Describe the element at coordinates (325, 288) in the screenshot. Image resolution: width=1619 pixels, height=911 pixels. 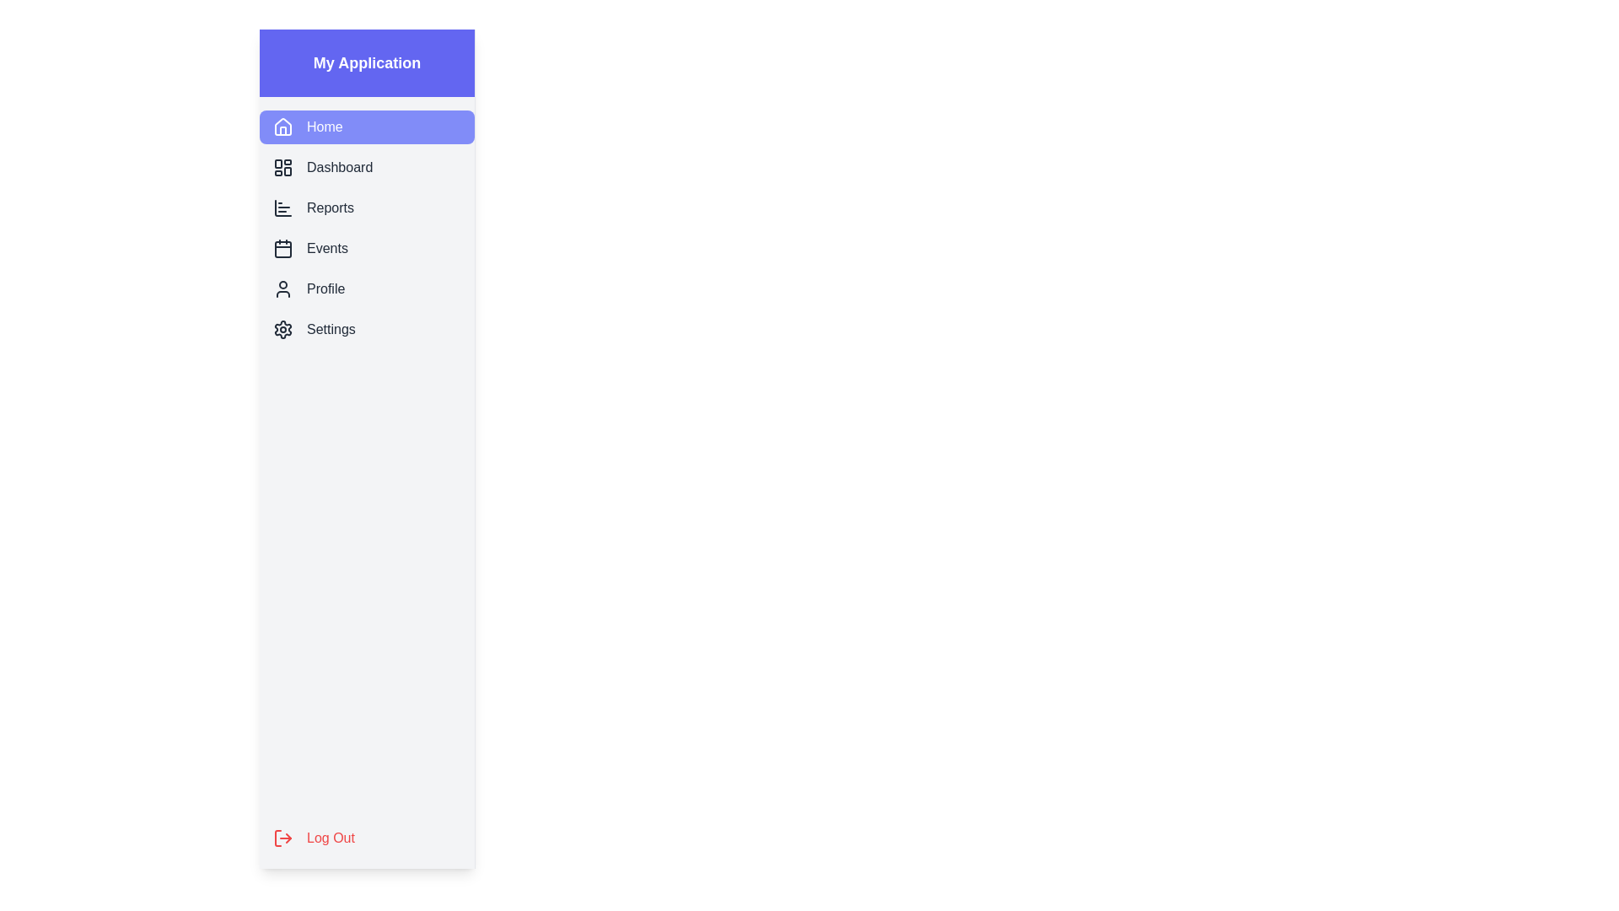
I see `the 'Profile' label in the vertical menu, which is the fourth item below 'Events' and above 'Settings'` at that location.